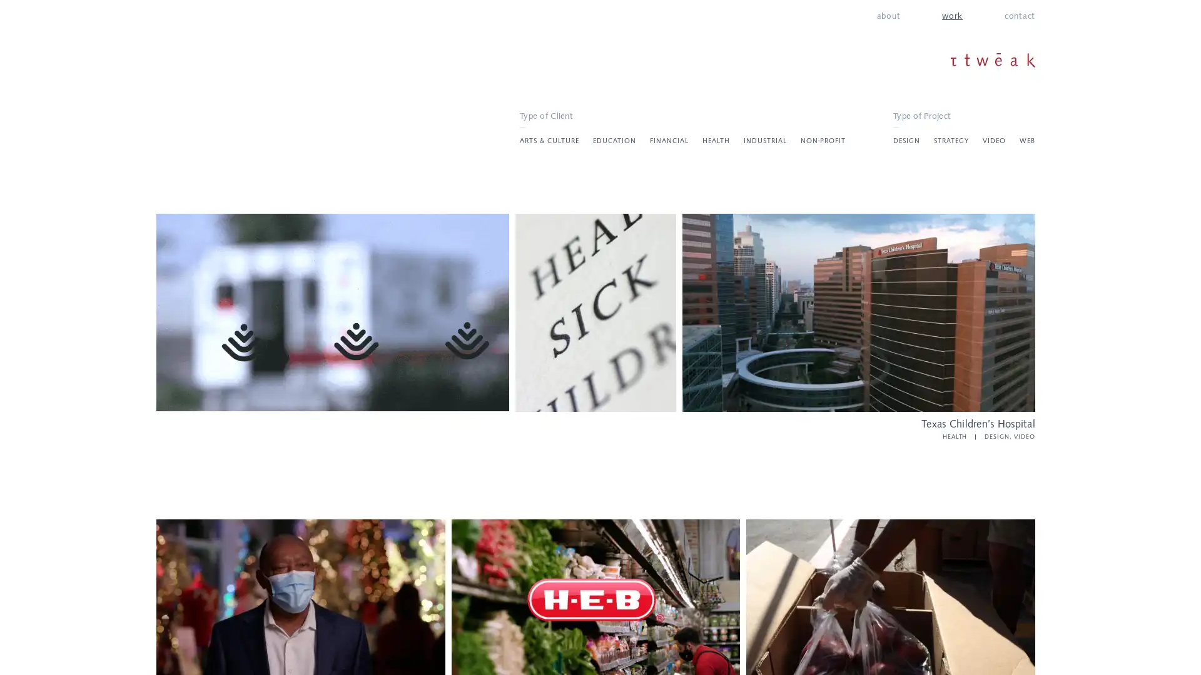  What do you see at coordinates (906, 141) in the screenshot?
I see `DESIGN` at bounding box center [906, 141].